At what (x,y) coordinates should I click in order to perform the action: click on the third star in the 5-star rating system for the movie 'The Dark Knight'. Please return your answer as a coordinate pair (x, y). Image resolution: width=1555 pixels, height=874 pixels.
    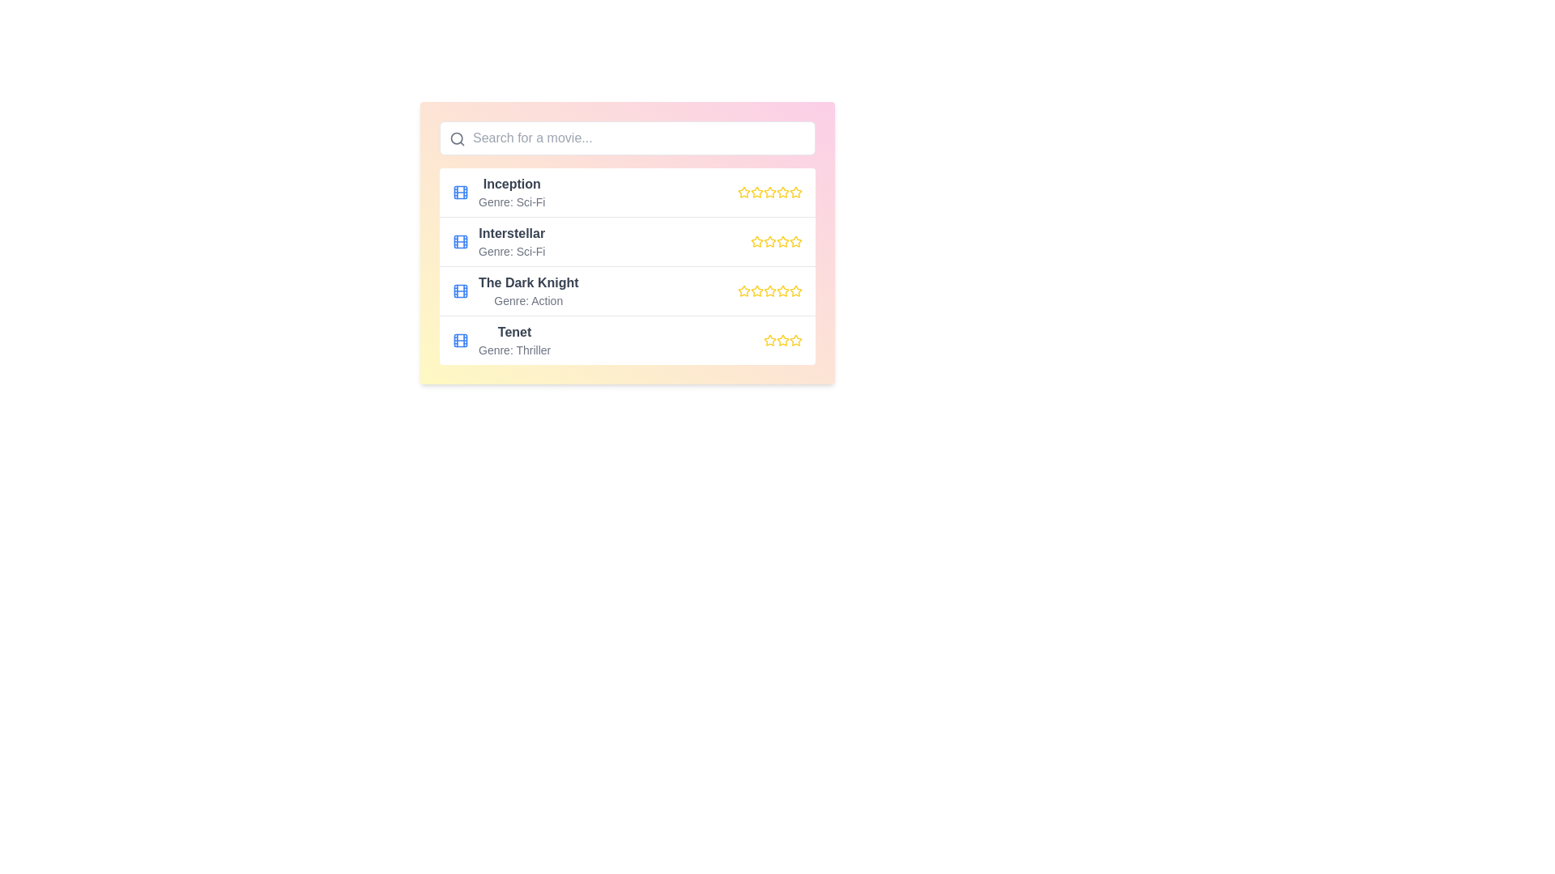
    Looking at the image, I should click on (756, 290).